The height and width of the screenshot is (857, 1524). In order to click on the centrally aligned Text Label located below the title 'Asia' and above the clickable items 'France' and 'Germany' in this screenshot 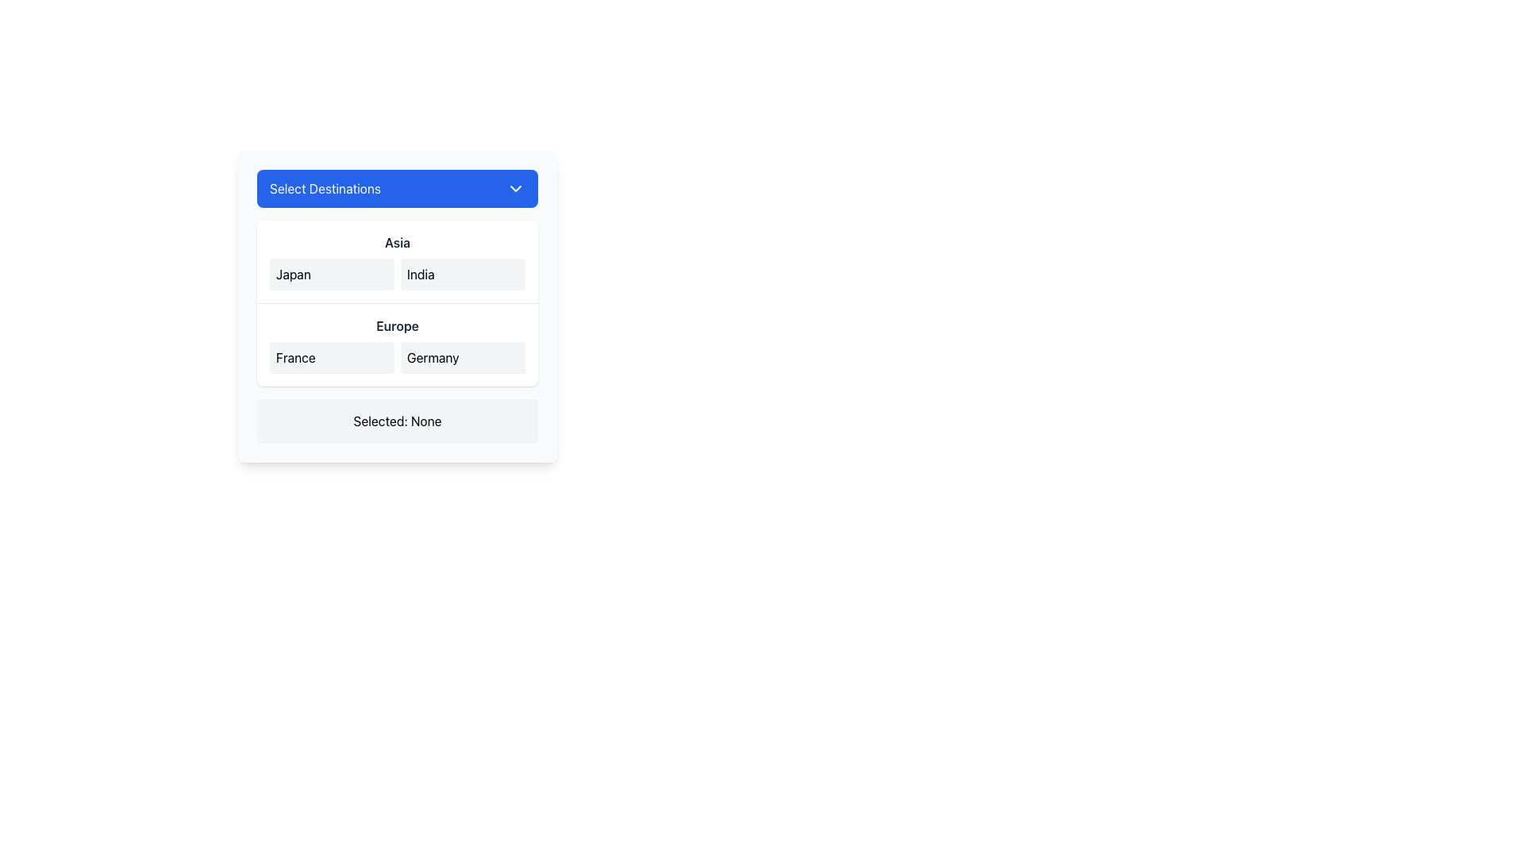, I will do `click(397, 325)`.